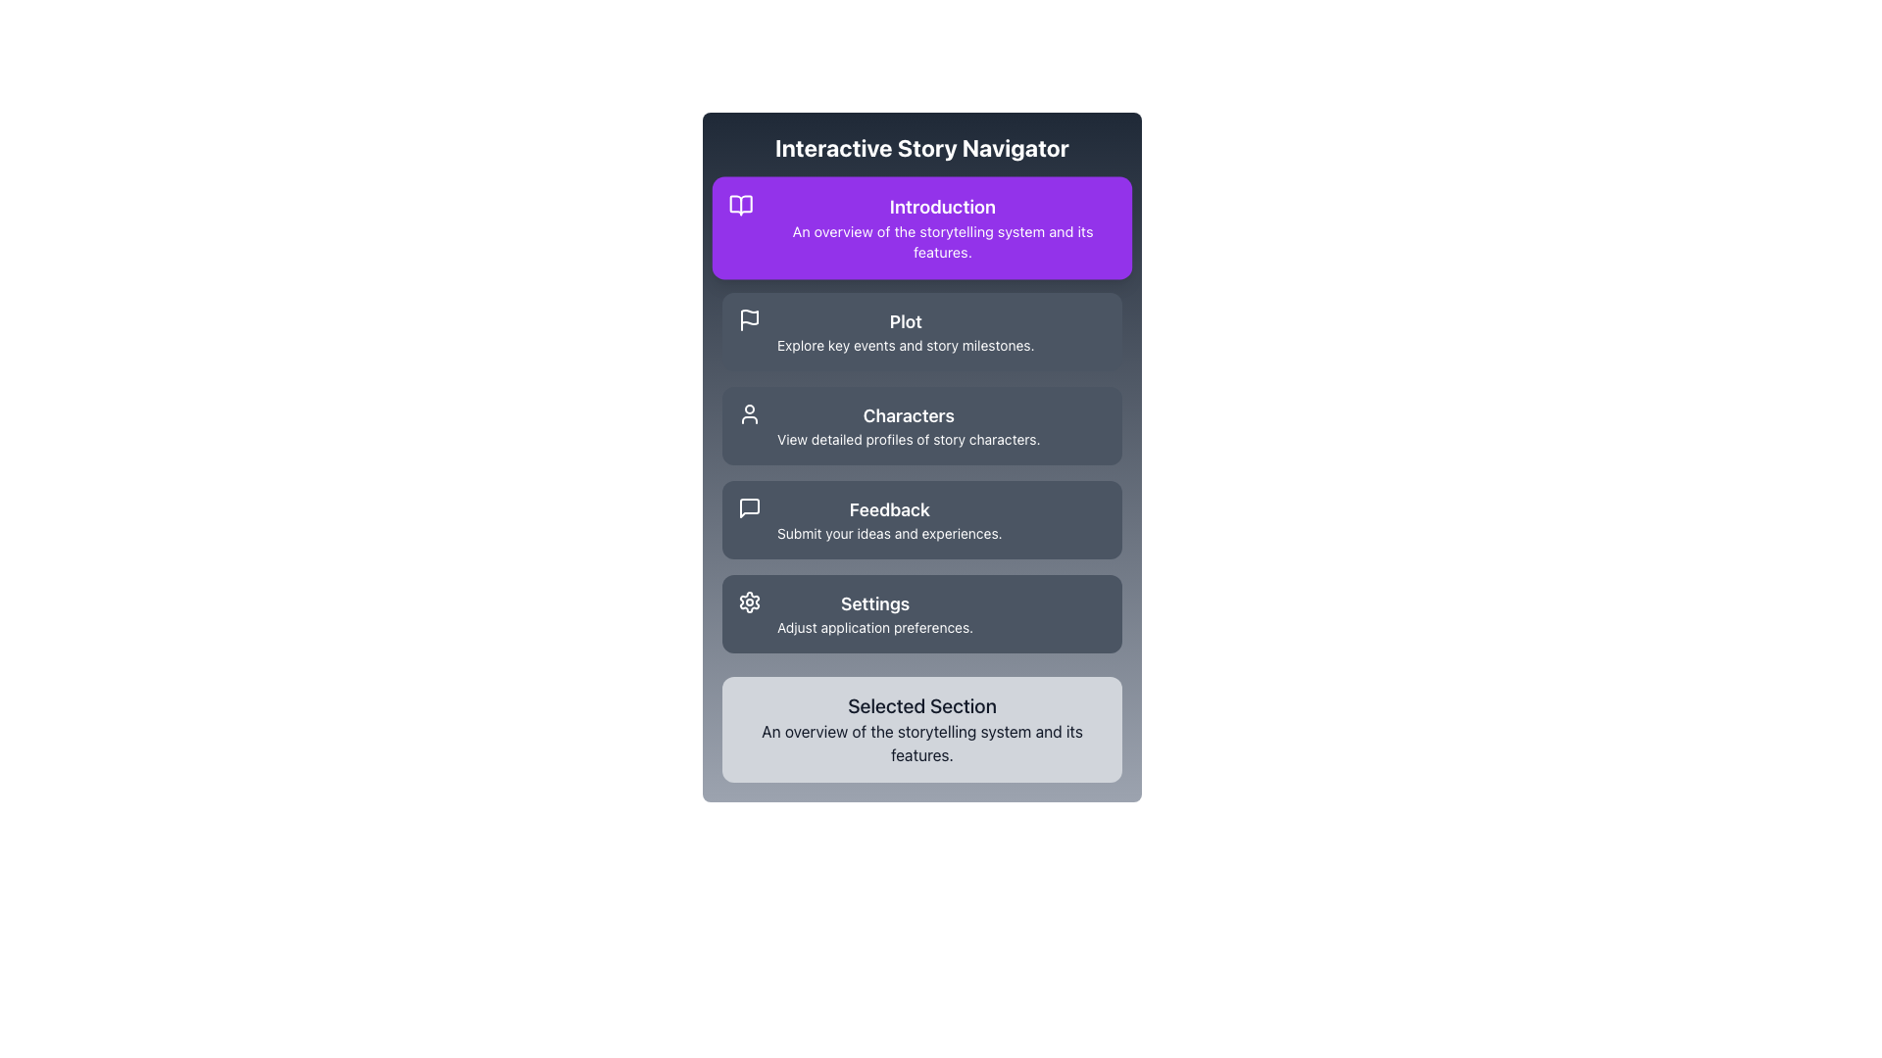  What do you see at coordinates (756, 613) in the screenshot?
I see `the settings icon, which is a white cogwheel positioned to the left of the 'Settings' section, as a static representation` at bounding box center [756, 613].